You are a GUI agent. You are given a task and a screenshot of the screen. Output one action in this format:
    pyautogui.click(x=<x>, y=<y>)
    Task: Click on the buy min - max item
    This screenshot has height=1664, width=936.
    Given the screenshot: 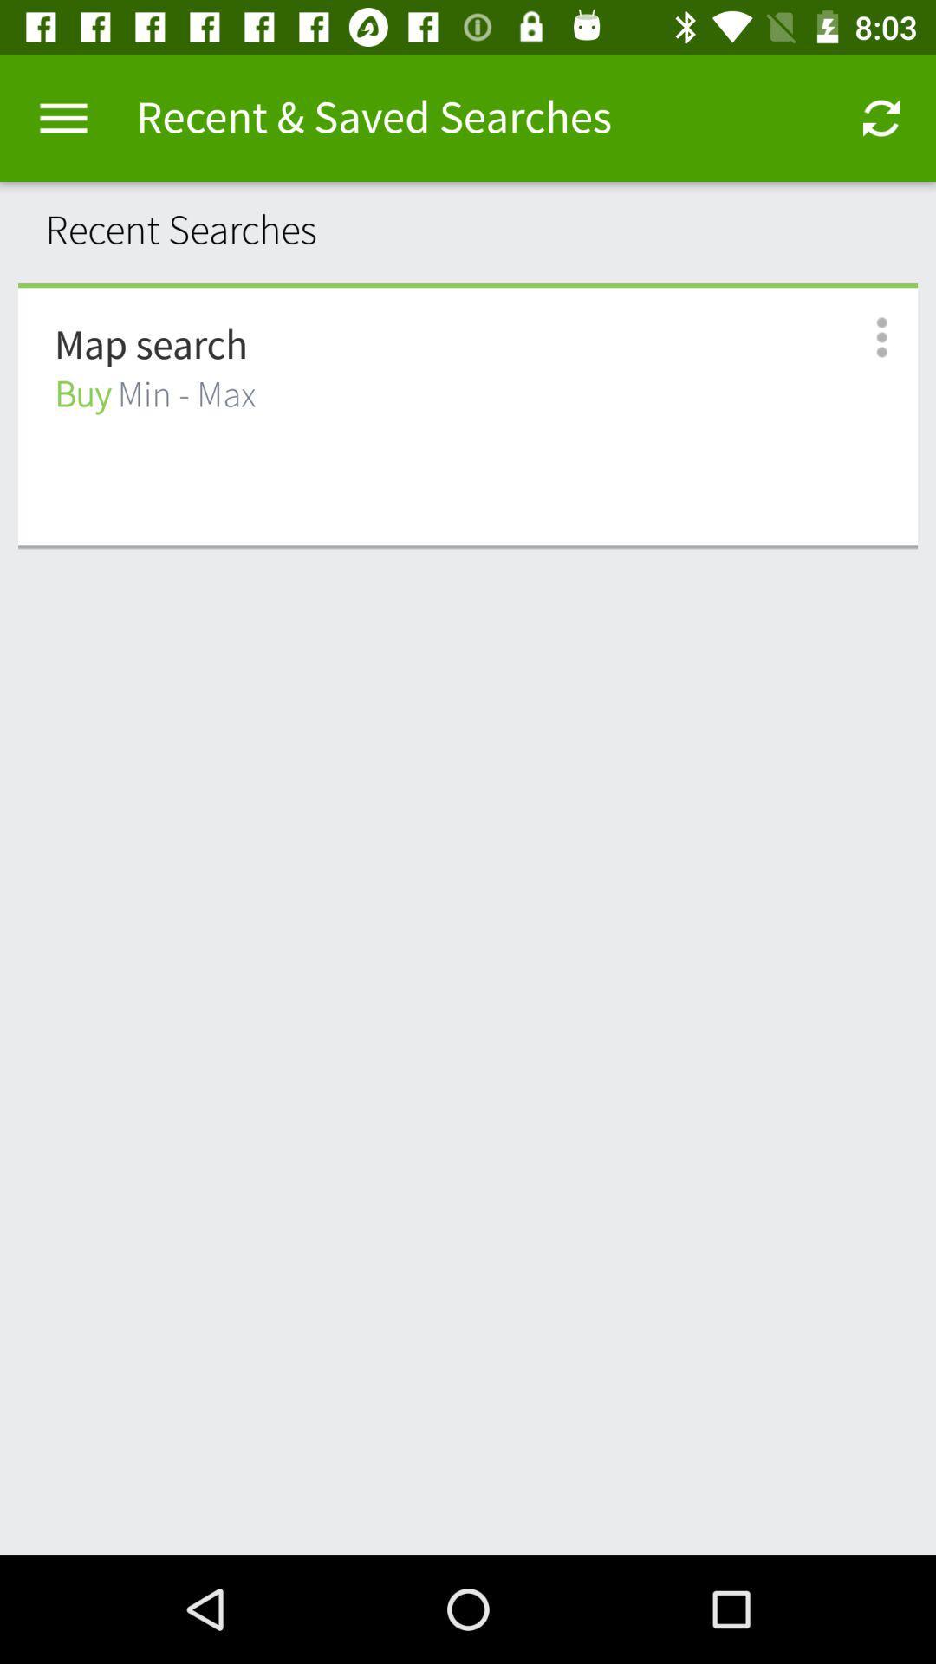 What is the action you would take?
    pyautogui.click(x=154, y=394)
    